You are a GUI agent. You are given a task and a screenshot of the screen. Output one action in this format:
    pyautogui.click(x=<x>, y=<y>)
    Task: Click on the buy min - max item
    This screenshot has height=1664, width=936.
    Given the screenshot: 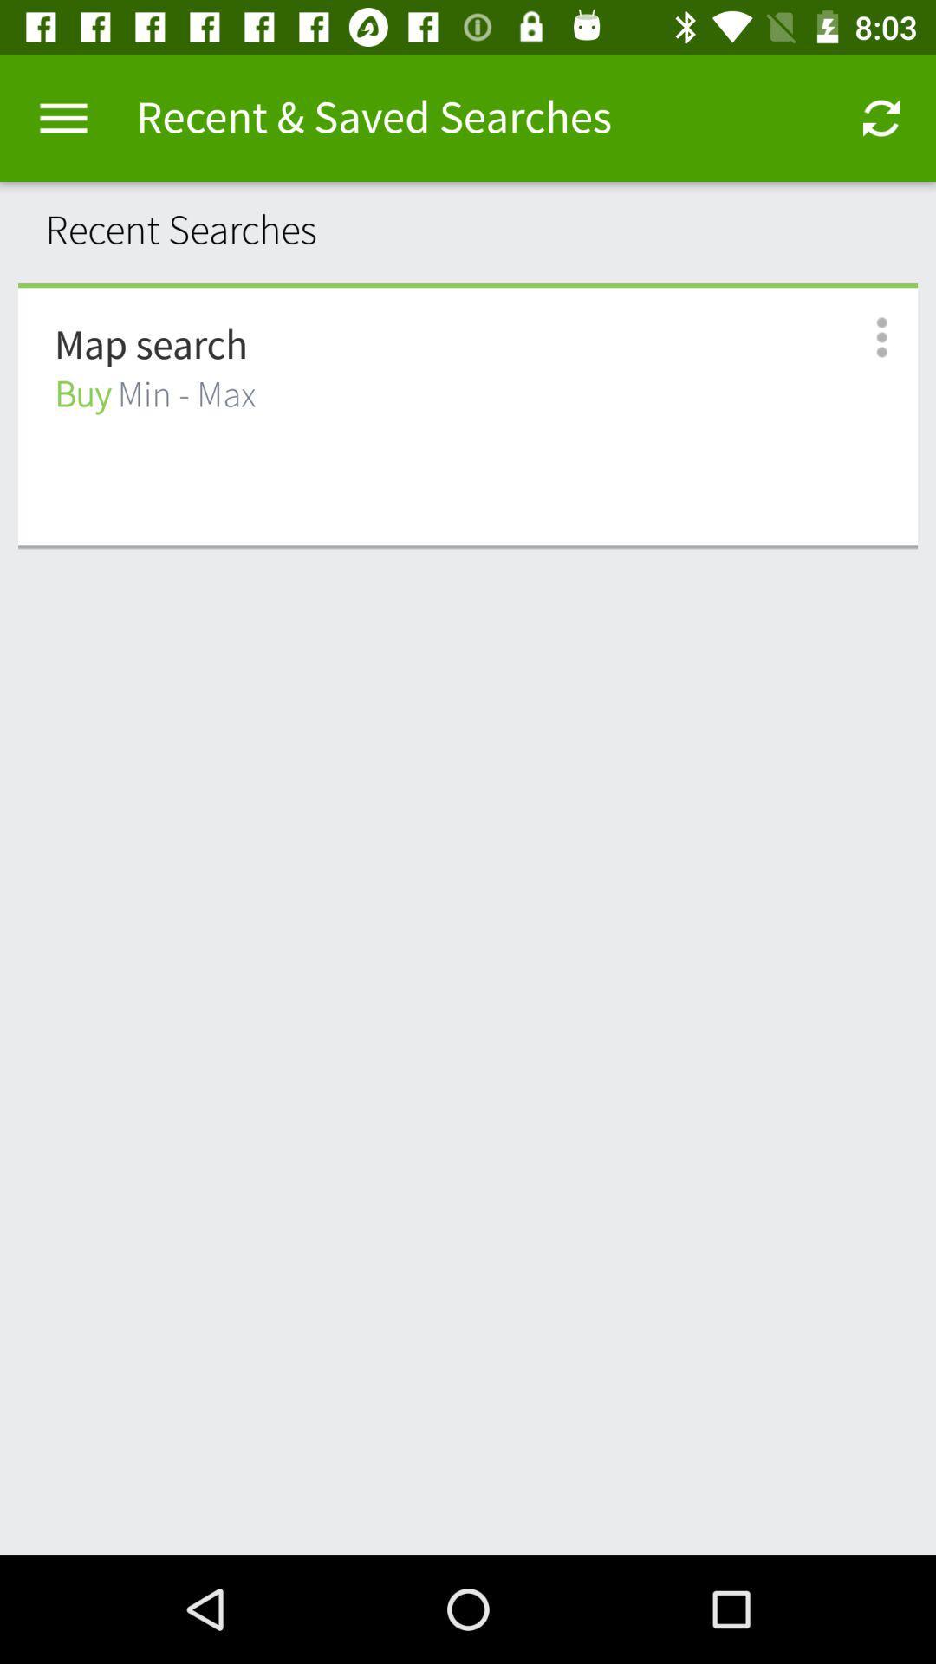 What is the action you would take?
    pyautogui.click(x=154, y=394)
    